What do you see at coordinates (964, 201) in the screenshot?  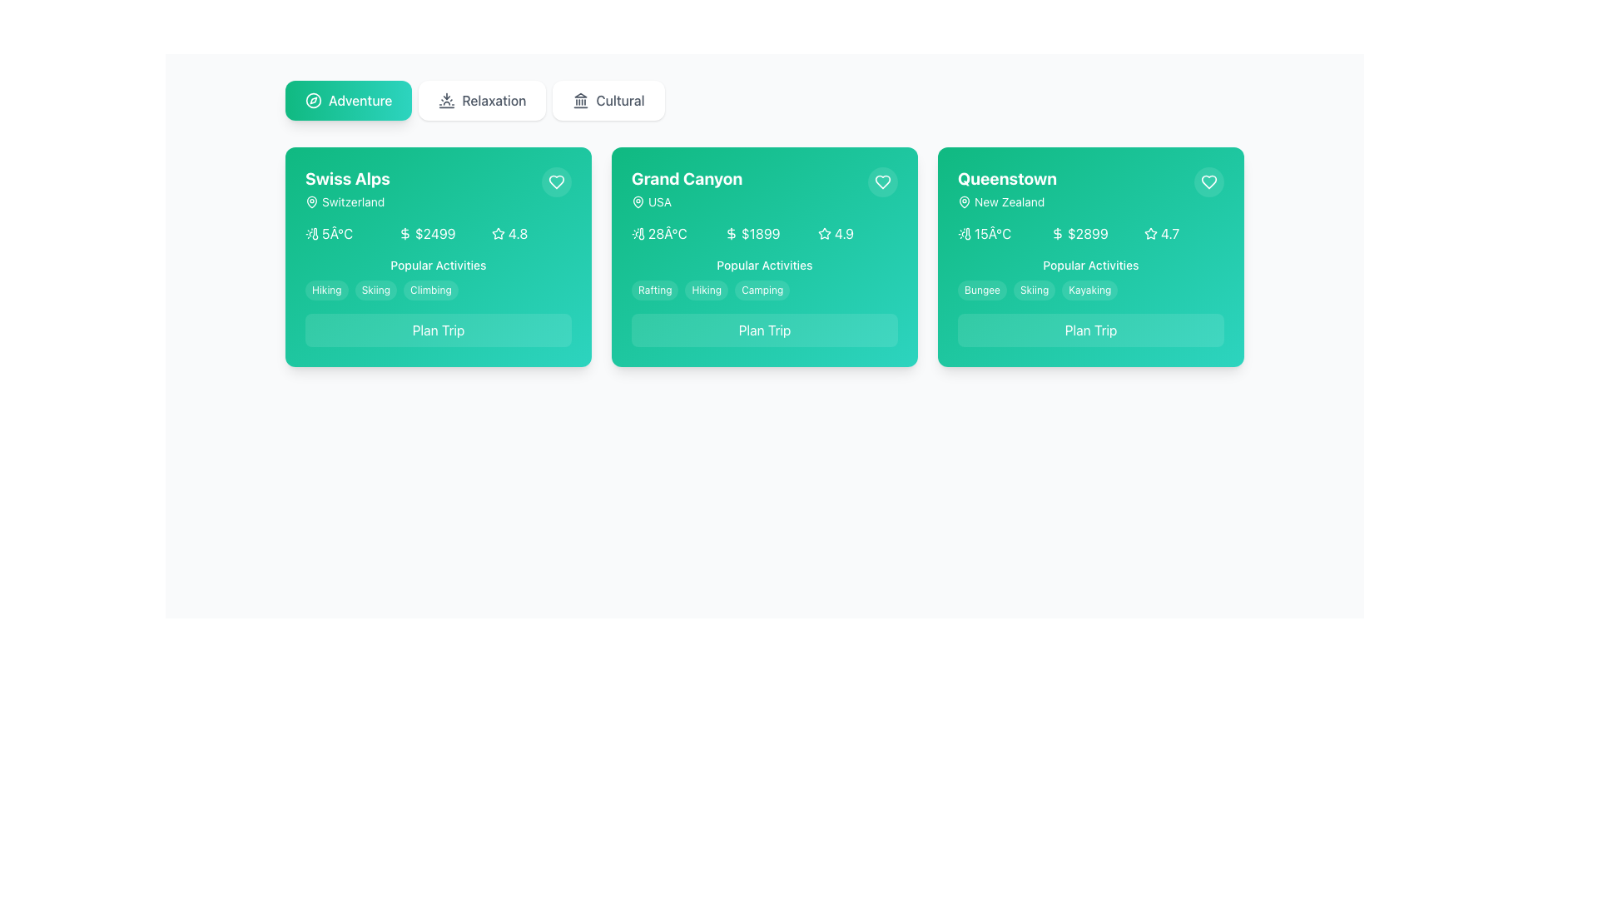 I see `the small map pin icon located next to the textual label 'New Zealand' within the 'Queenstown' card` at bounding box center [964, 201].